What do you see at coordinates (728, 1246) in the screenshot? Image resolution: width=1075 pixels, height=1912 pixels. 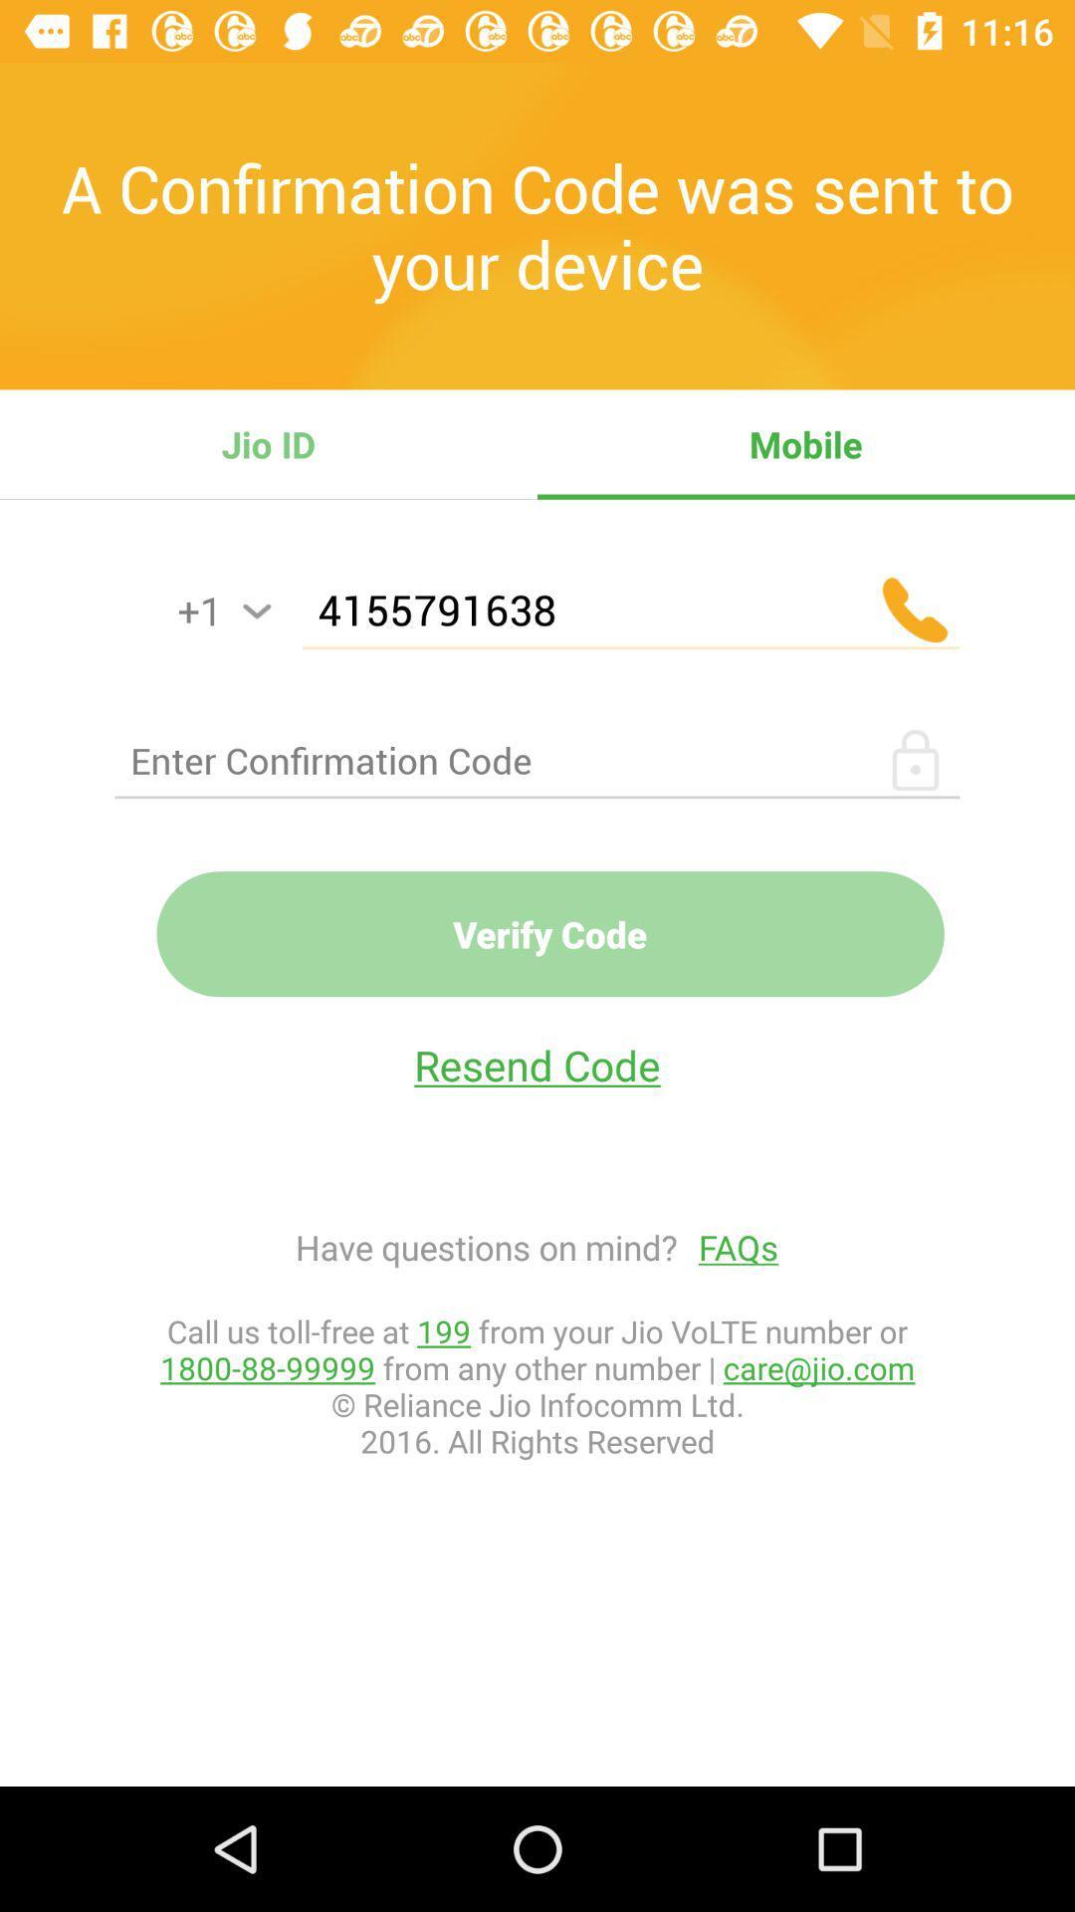 I see `item below the resend code item` at bounding box center [728, 1246].